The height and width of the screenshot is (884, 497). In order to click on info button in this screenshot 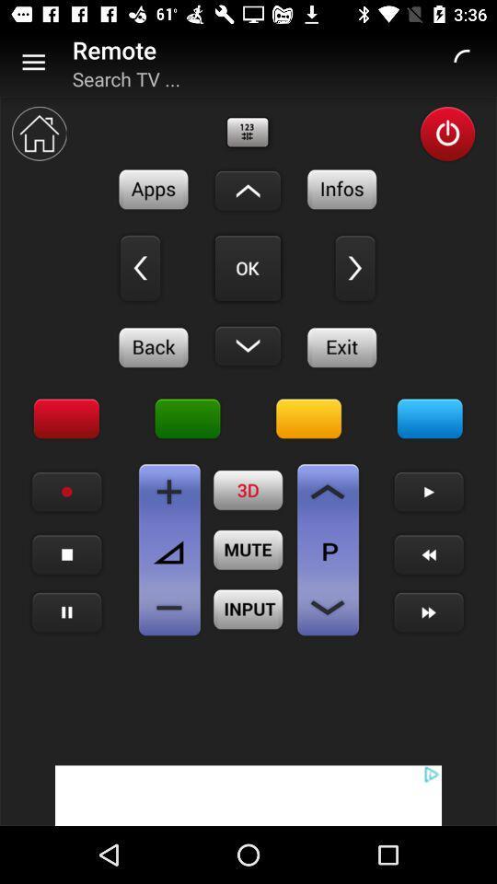, I will do `click(342, 189)`.